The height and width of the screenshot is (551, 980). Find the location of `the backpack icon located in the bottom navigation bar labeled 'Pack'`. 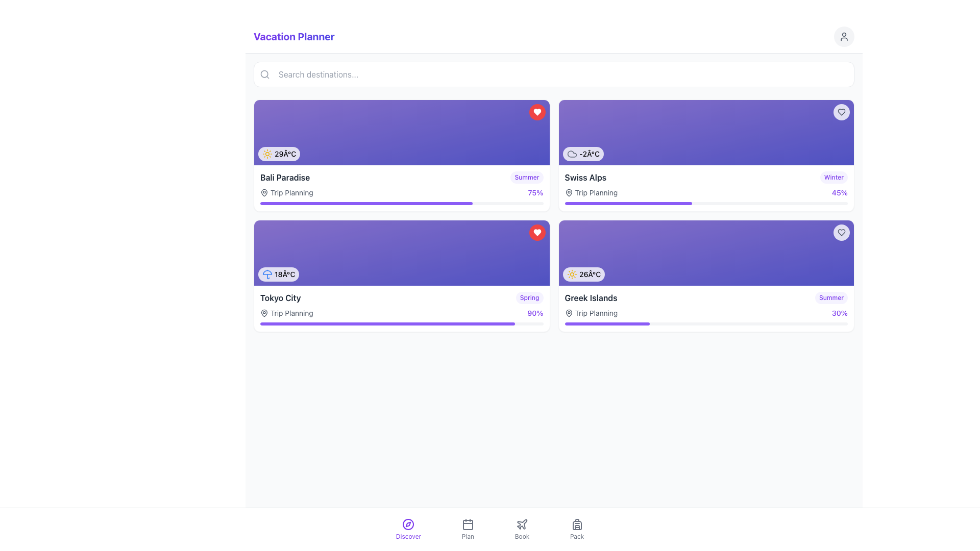

the backpack icon located in the bottom navigation bar labeled 'Pack' is located at coordinates (577, 524).